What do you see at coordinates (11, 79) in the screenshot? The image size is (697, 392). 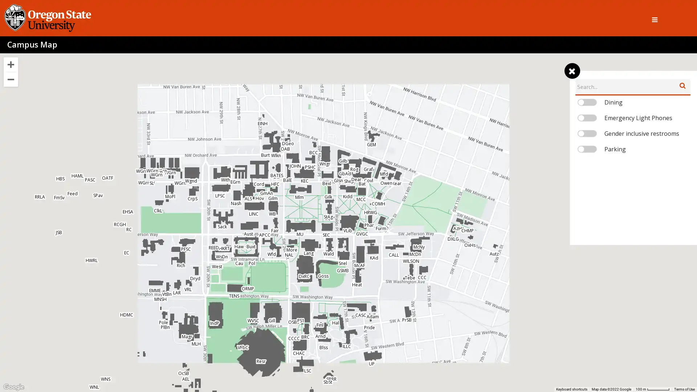 I see `Zoom out` at bounding box center [11, 79].